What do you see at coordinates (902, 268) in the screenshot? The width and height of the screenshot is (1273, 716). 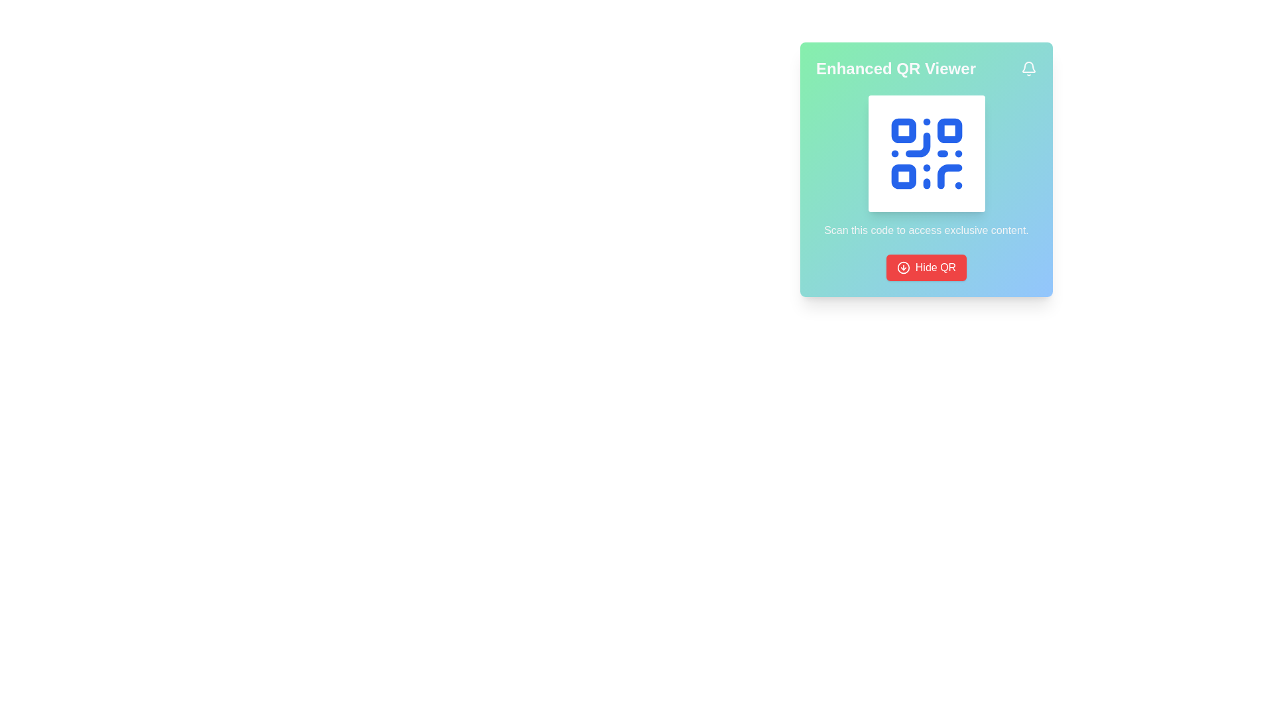 I see `the circular icon with a downward arrow located inside the red 'Hide QR' button` at bounding box center [902, 268].